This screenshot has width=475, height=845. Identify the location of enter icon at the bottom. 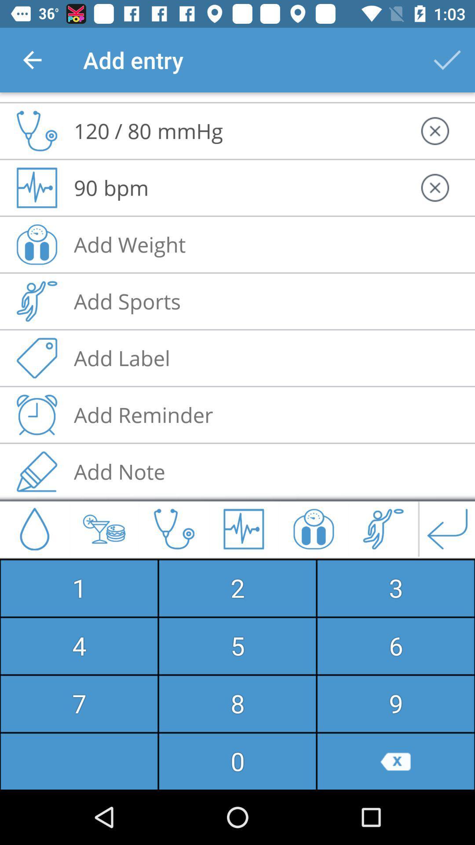
(447, 528).